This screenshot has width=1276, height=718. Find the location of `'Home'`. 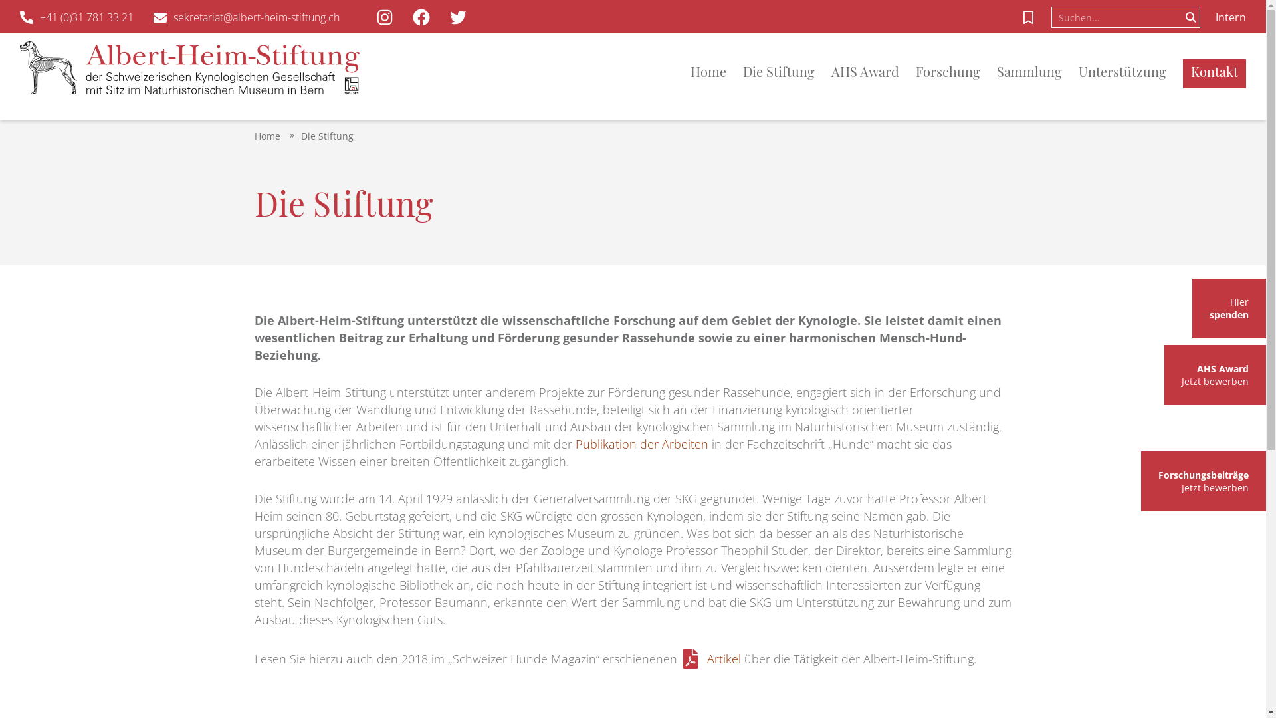

'Home' is located at coordinates (266, 136).